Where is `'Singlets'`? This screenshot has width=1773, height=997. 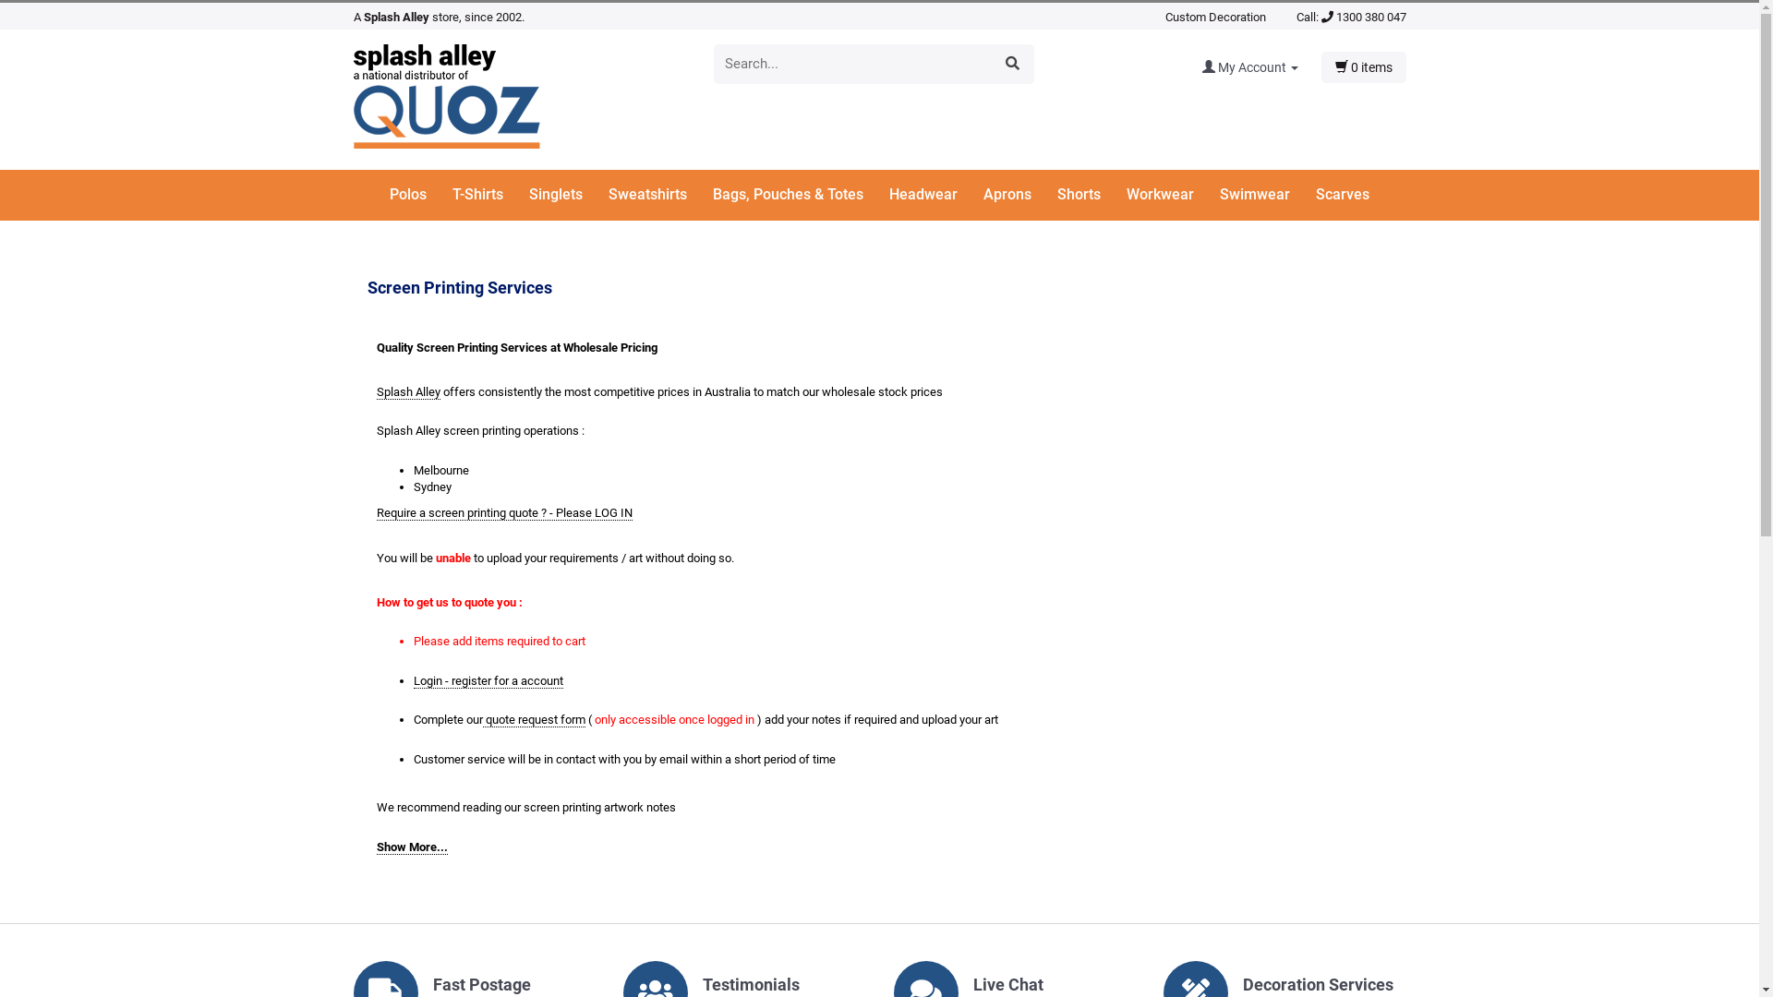
'Singlets' is located at coordinates (566, 195).